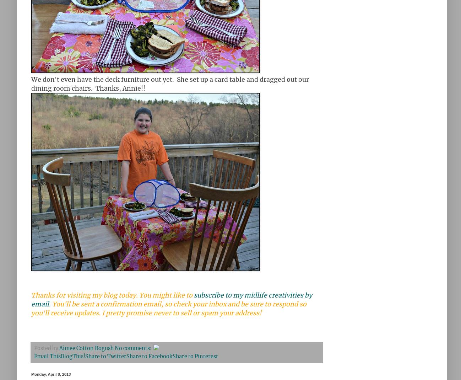 The image size is (461, 380). Describe the element at coordinates (134, 348) in the screenshot. I see `'No comments:'` at that location.